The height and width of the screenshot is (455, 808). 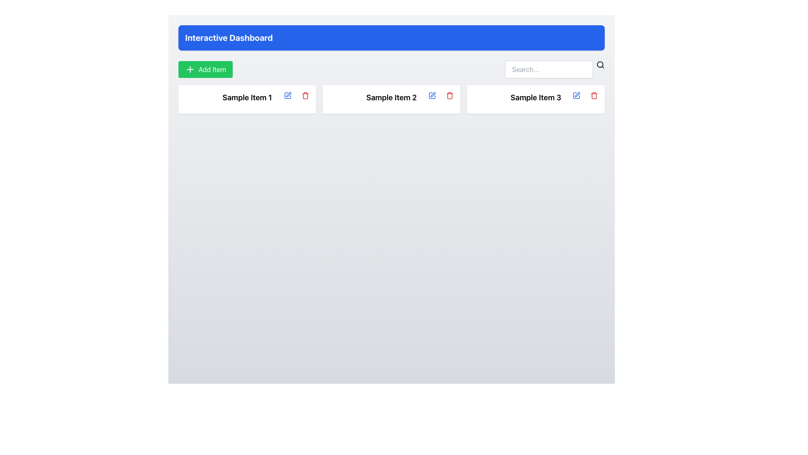 What do you see at coordinates (600, 64) in the screenshot?
I see `the search icon located to the right of the 'Search...' input field to provide interaction feedback` at bounding box center [600, 64].